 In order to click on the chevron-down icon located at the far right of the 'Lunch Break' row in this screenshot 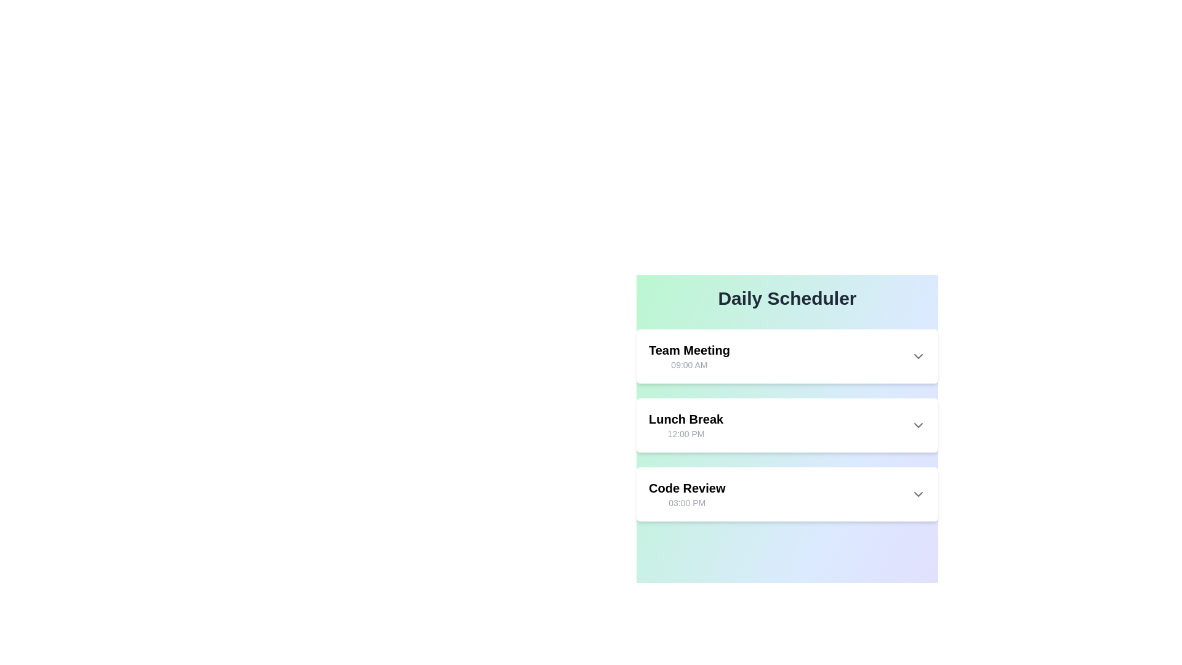, I will do `click(919, 424)`.